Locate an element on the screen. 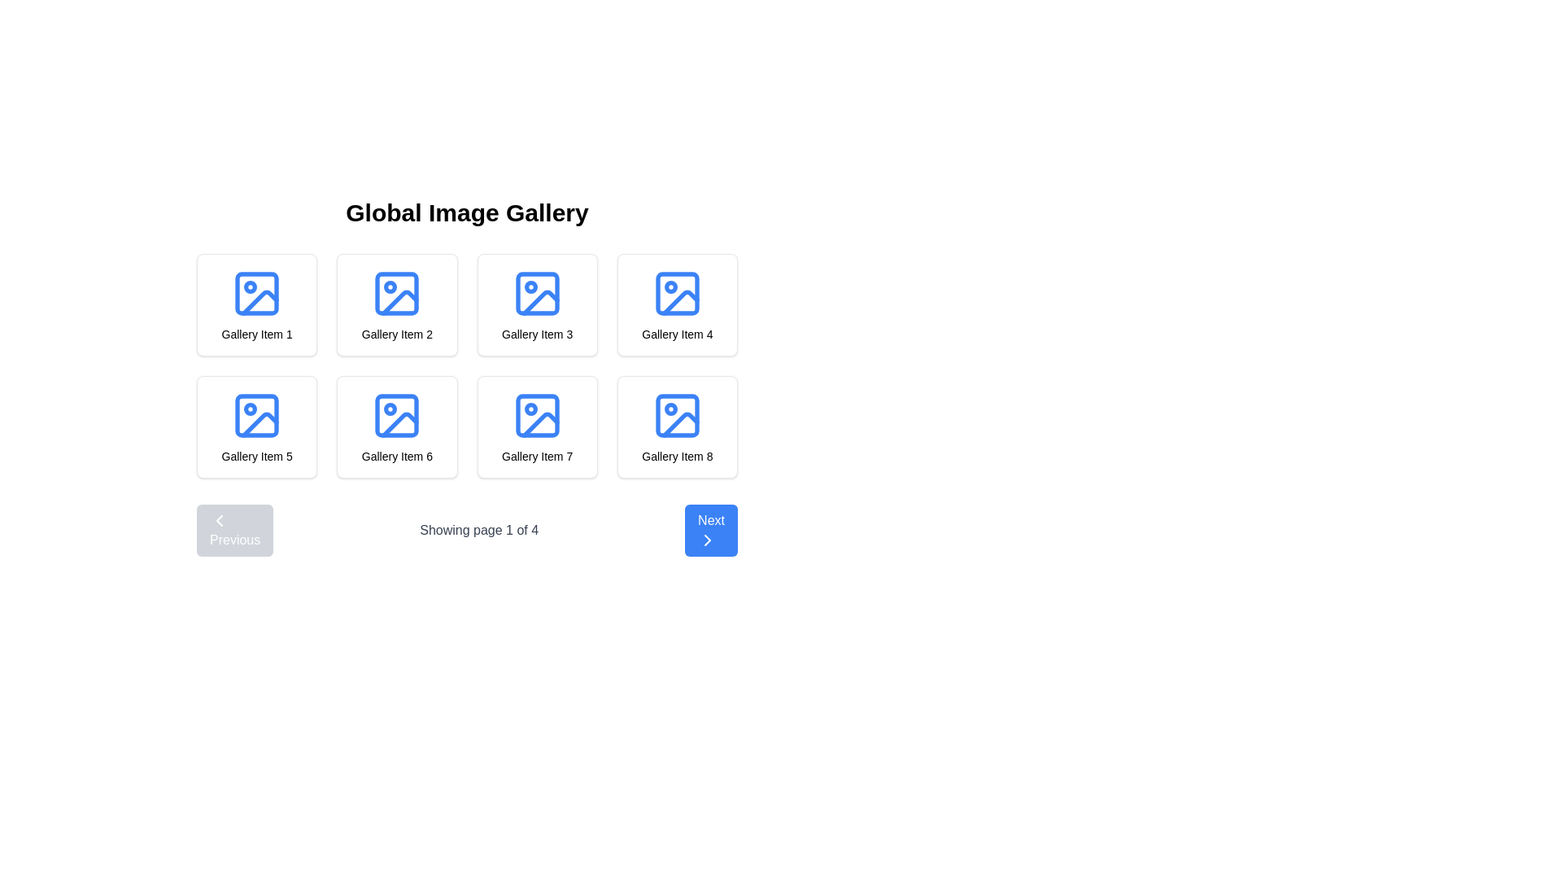 The image size is (1562, 879). the small circular graphical element part of the 'Gallery Item 2' icon, located in the top-left corner of the icon is located at coordinates (390, 286).